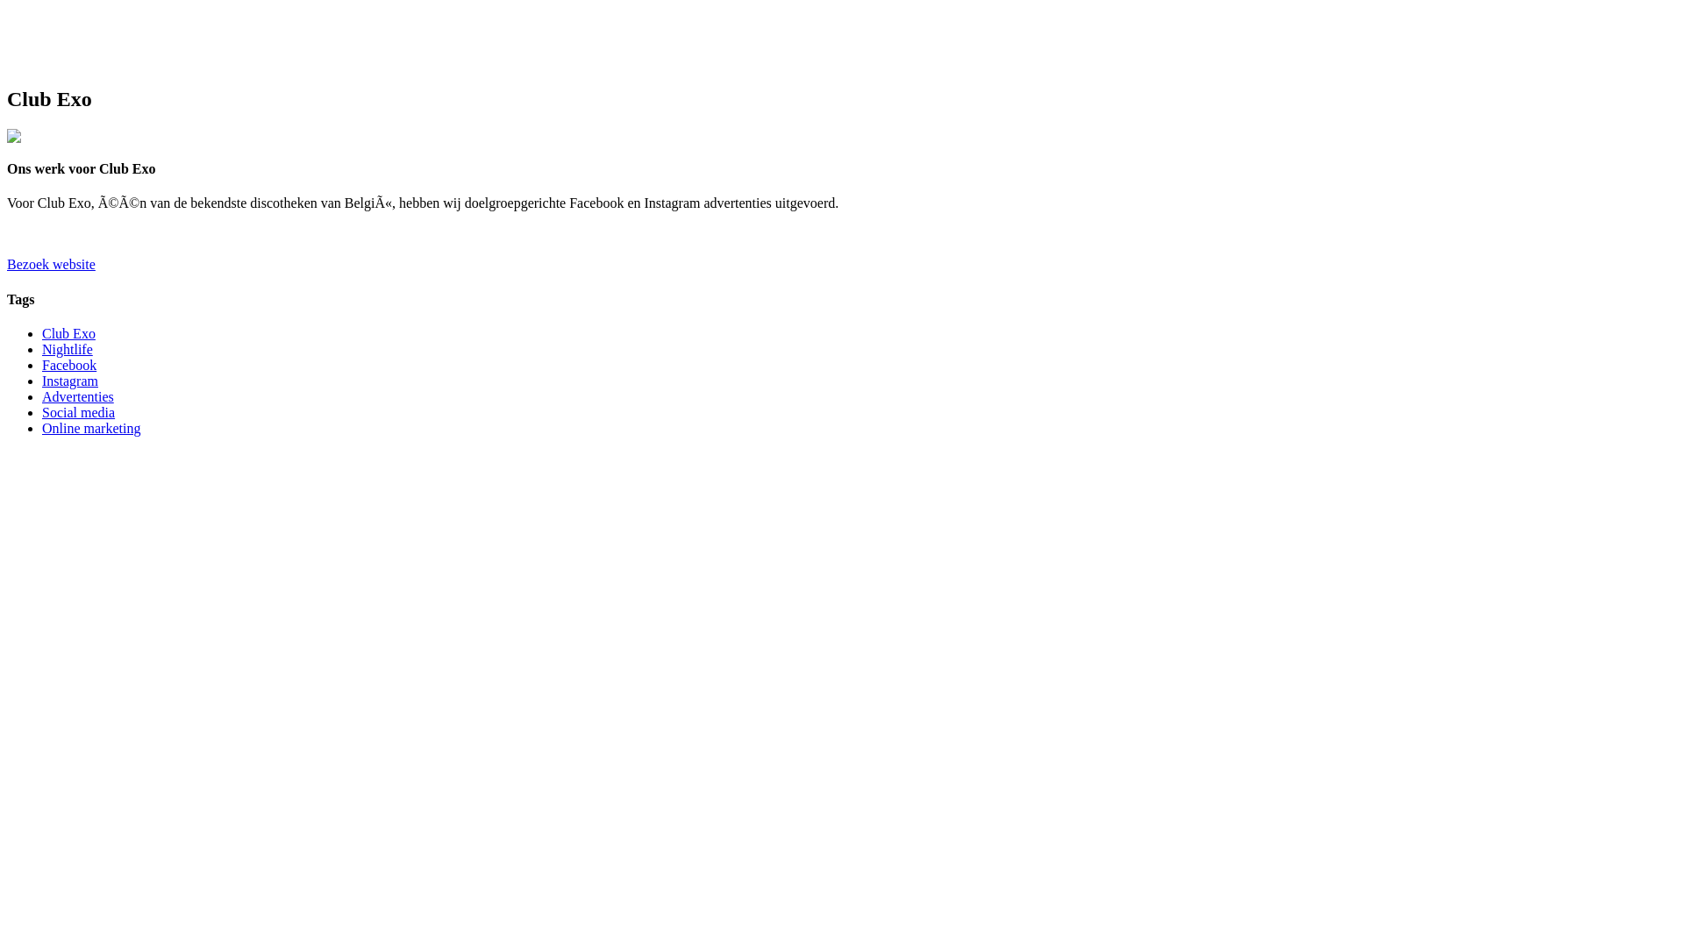 This screenshot has width=1684, height=947. Describe the element at coordinates (42, 380) in the screenshot. I see `'Instagram'` at that location.